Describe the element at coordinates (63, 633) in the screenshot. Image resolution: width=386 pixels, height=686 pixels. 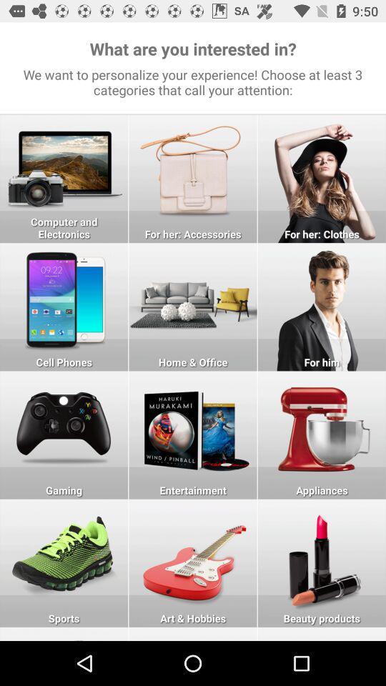
I see `units bottom line` at that location.